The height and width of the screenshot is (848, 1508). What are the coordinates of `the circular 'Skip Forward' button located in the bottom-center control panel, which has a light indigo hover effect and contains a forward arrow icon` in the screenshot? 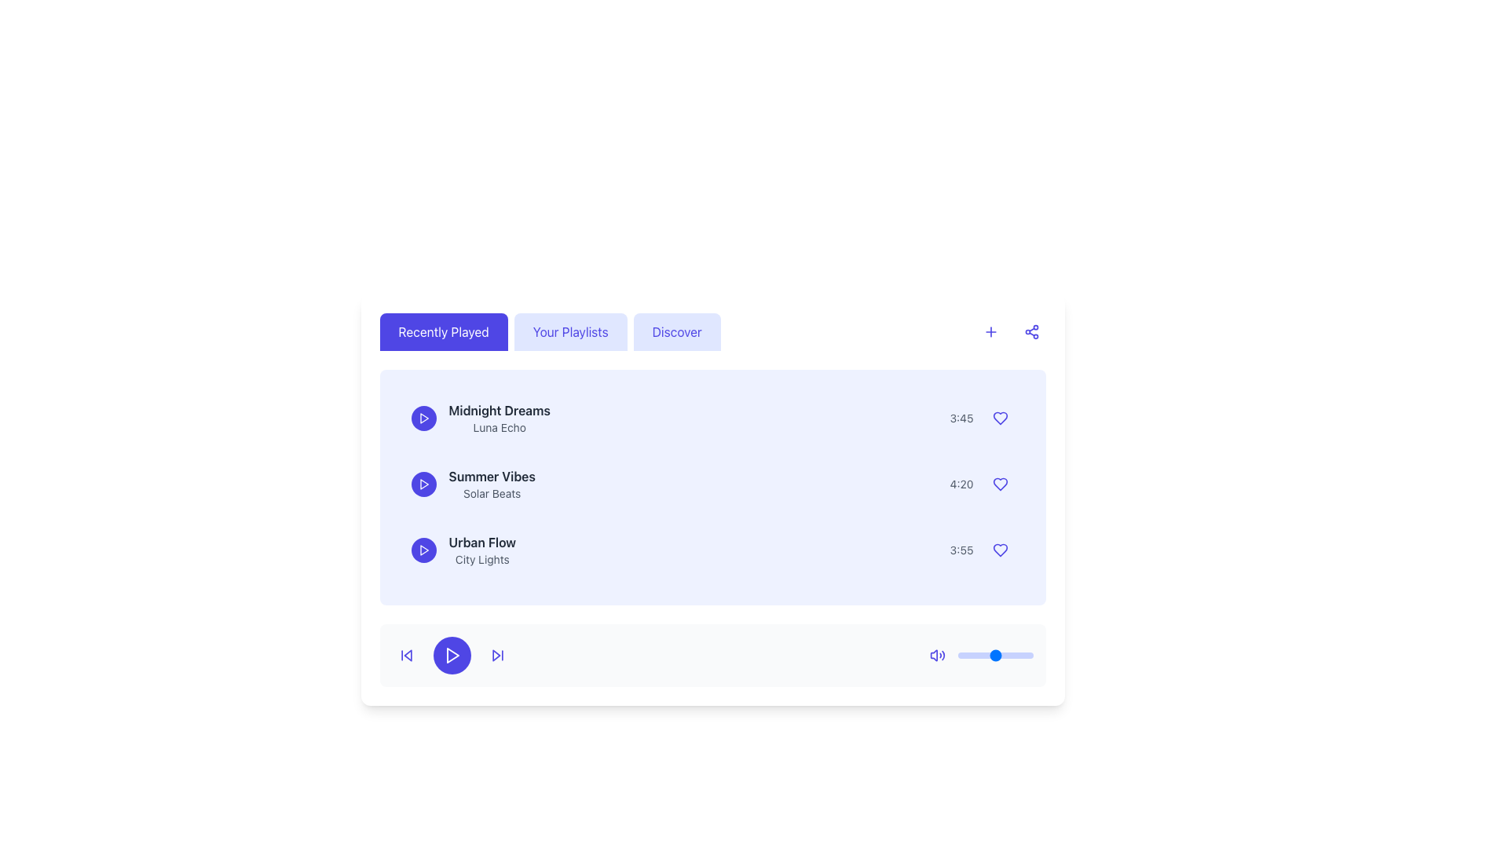 It's located at (496, 655).